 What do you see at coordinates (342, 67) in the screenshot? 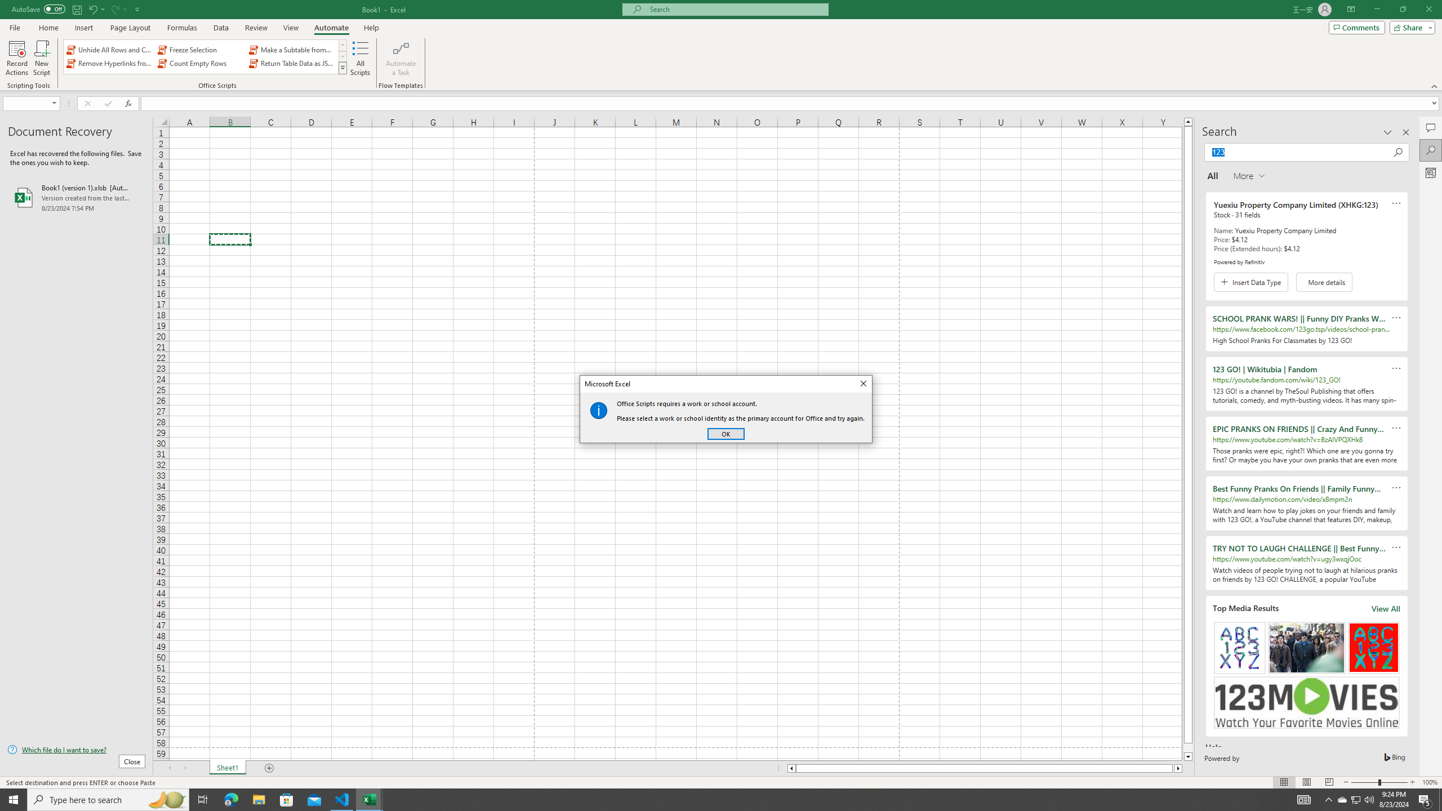
I see `'Office Scripts'` at bounding box center [342, 67].